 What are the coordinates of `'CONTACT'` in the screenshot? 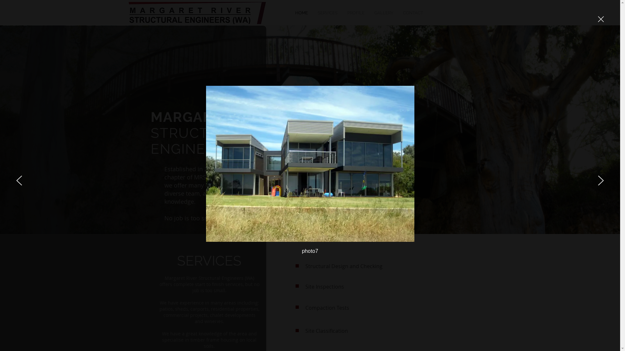 It's located at (412, 13).